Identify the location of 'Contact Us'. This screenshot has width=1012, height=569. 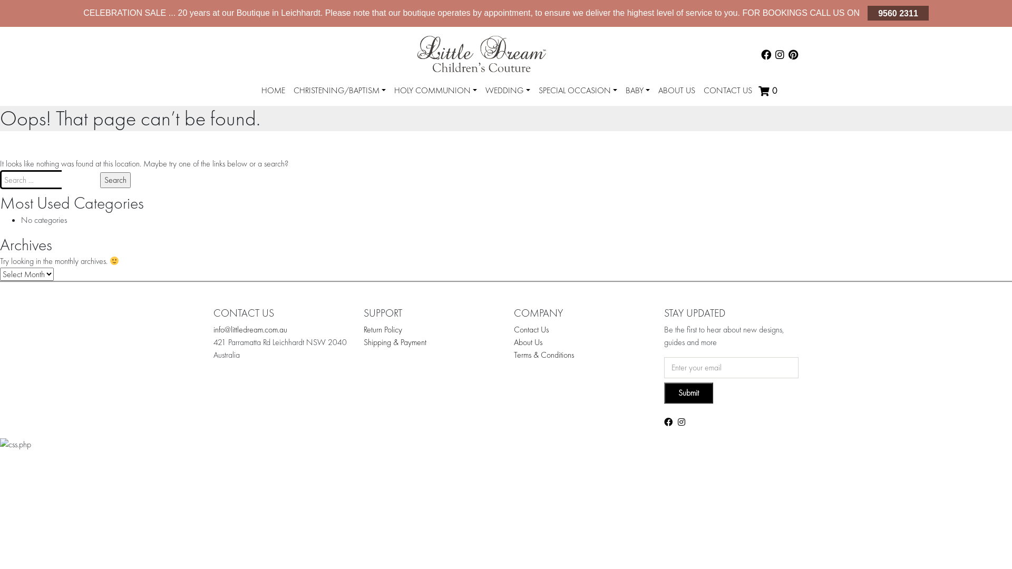
(531, 329).